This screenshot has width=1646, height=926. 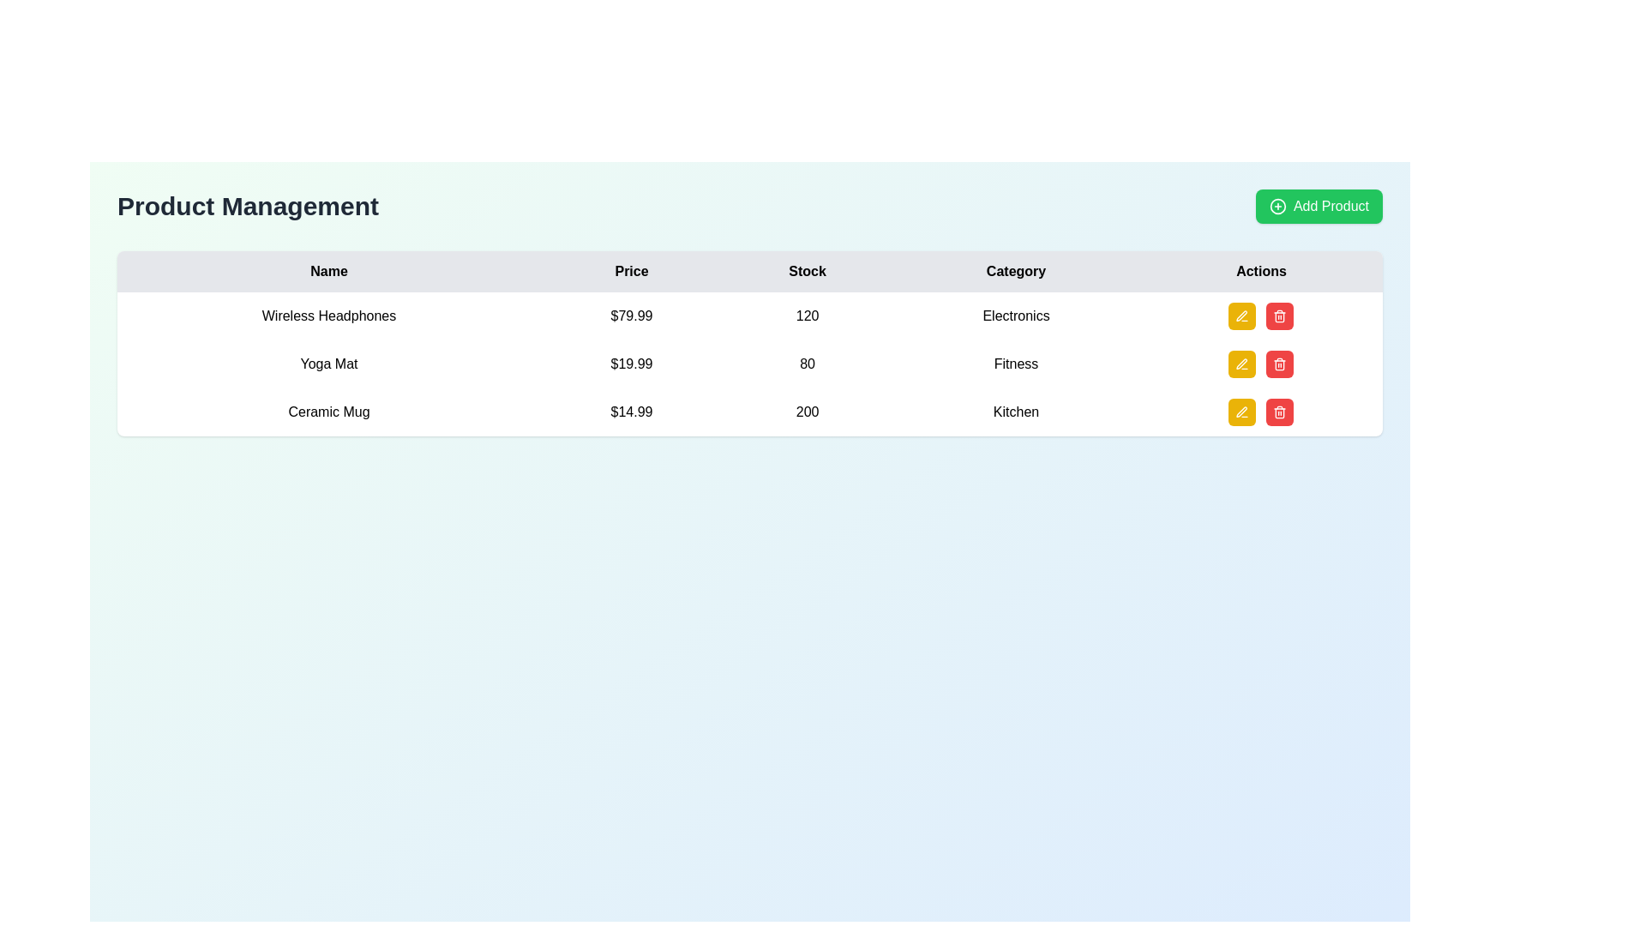 What do you see at coordinates (1261, 363) in the screenshot?
I see `the yellow edit button in the button group for the 'Yoga Mat' item` at bounding box center [1261, 363].